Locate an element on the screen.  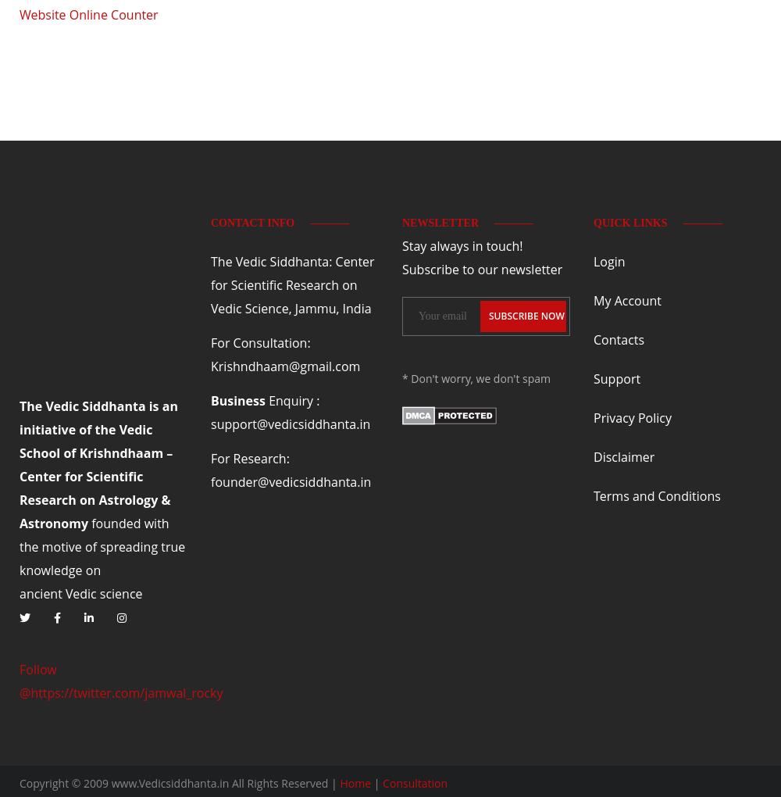
'Vedic' is located at coordinates (80, 592).